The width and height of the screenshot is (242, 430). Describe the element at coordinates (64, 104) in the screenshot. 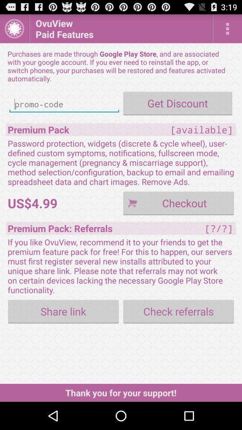

I see `promo code entry` at that location.